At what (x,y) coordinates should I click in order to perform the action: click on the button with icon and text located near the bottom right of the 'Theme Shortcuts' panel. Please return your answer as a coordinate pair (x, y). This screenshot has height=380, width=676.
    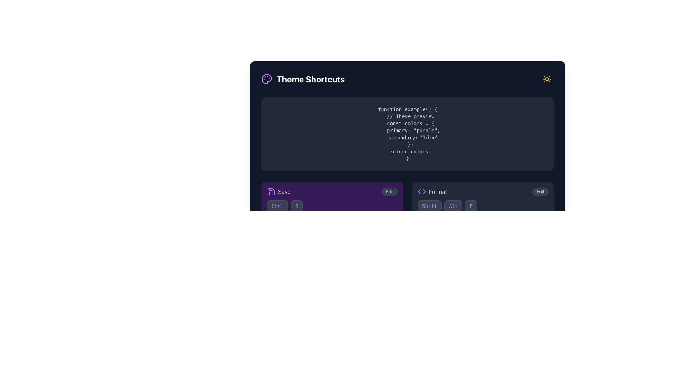
    Looking at the image, I should click on (432, 191).